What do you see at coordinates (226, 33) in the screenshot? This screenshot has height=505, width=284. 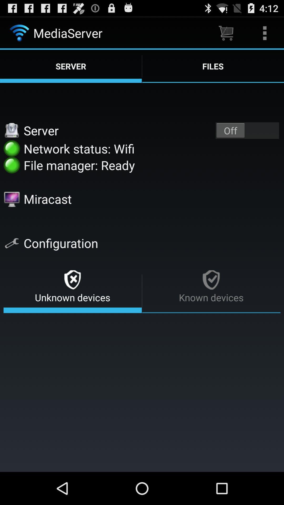 I see `item to the right of the mediaserver item` at bounding box center [226, 33].